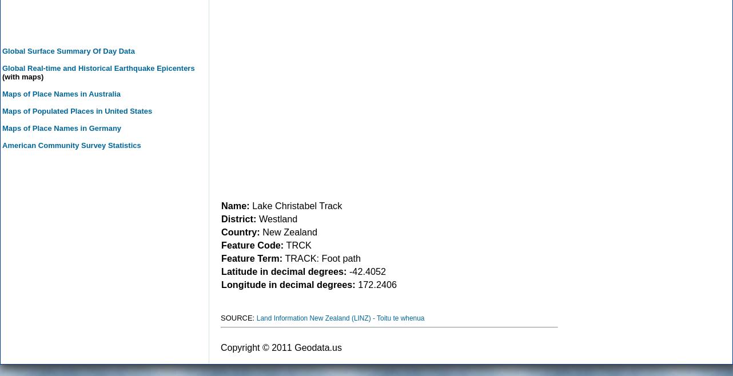 The height and width of the screenshot is (376, 733). What do you see at coordinates (256, 317) in the screenshot?
I see `'Land Information New Zealand (LINZ) - Toitu te whenua'` at bounding box center [256, 317].